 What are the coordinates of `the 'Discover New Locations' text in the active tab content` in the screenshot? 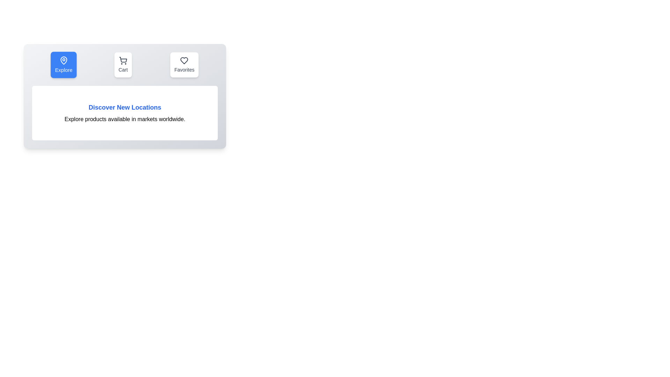 It's located at (125, 108).